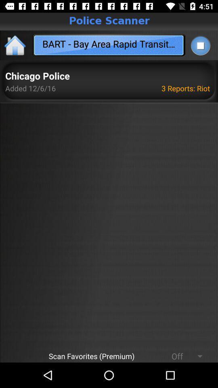 This screenshot has width=218, height=388. Describe the element at coordinates (15, 45) in the screenshot. I see `return home` at that location.